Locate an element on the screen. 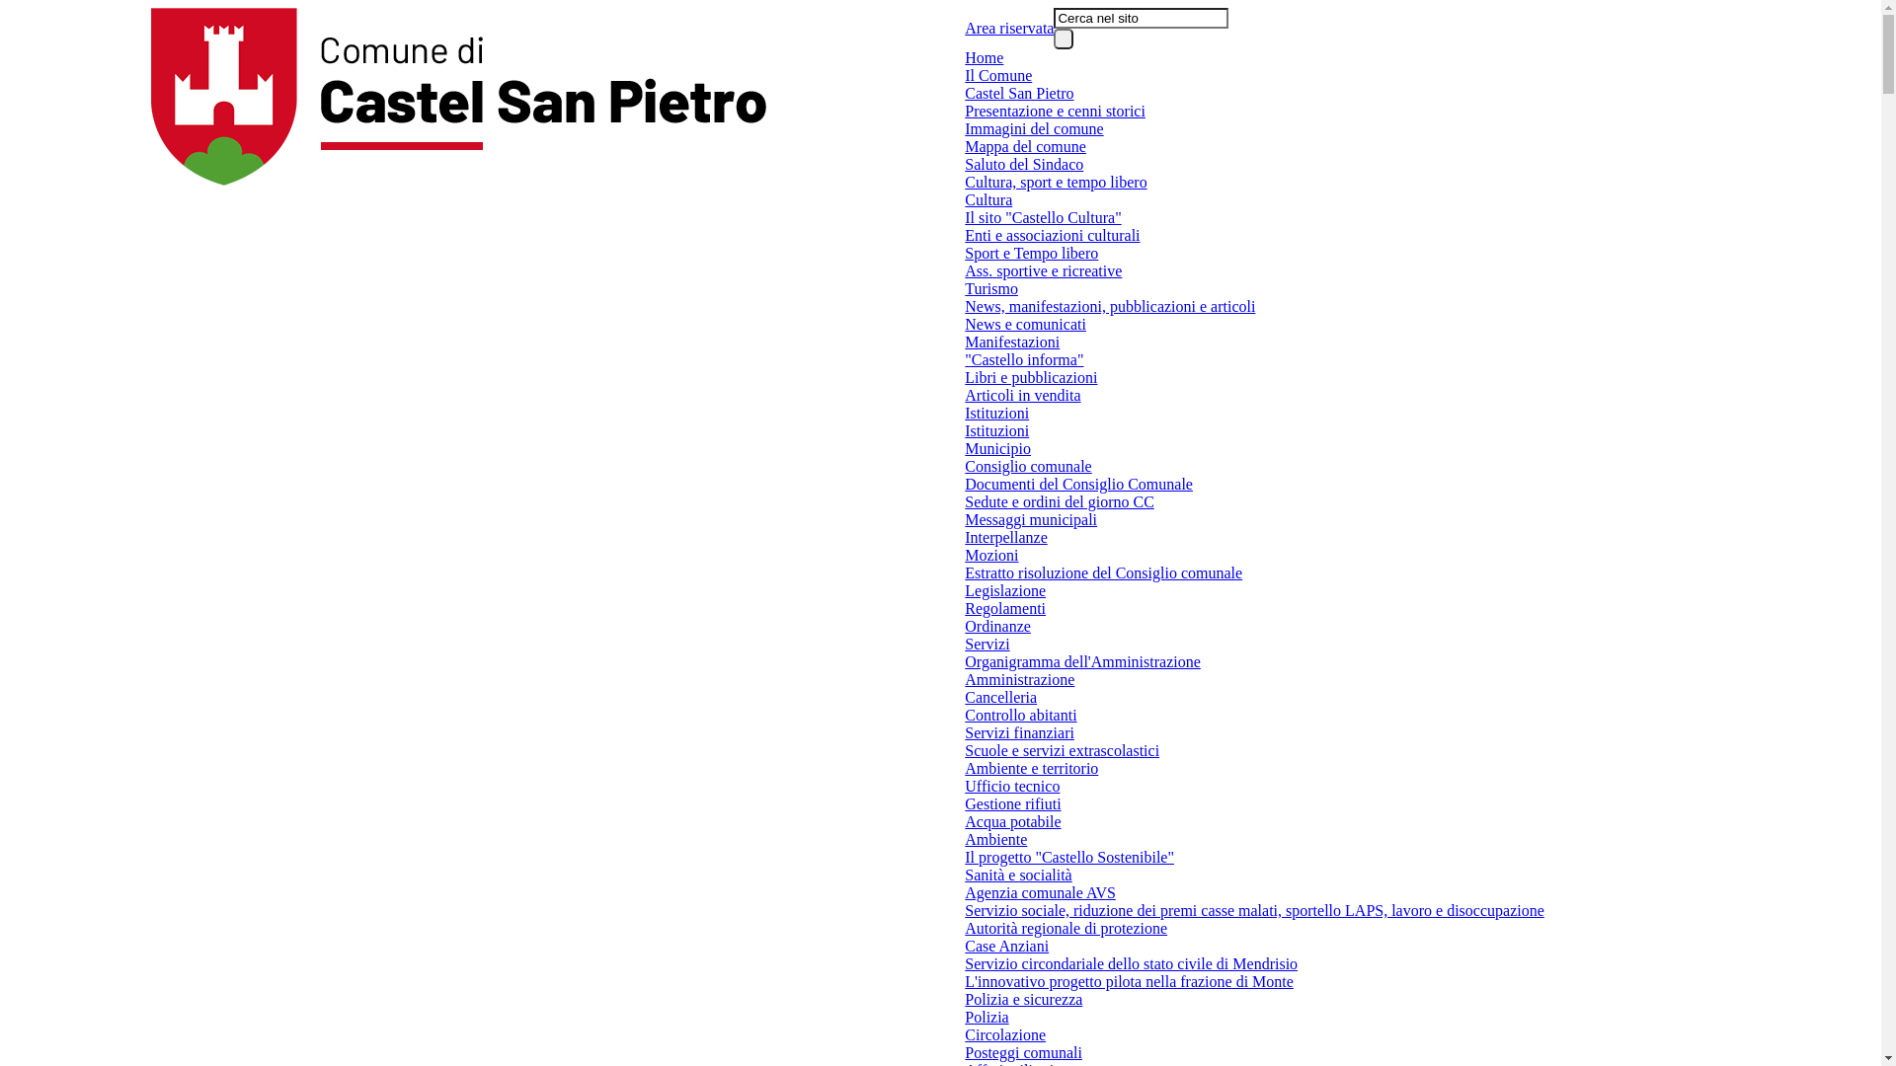 The width and height of the screenshot is (1896, 1066). 'Cultura, sport e tempo libero' is located at coordinates (1055, 183).